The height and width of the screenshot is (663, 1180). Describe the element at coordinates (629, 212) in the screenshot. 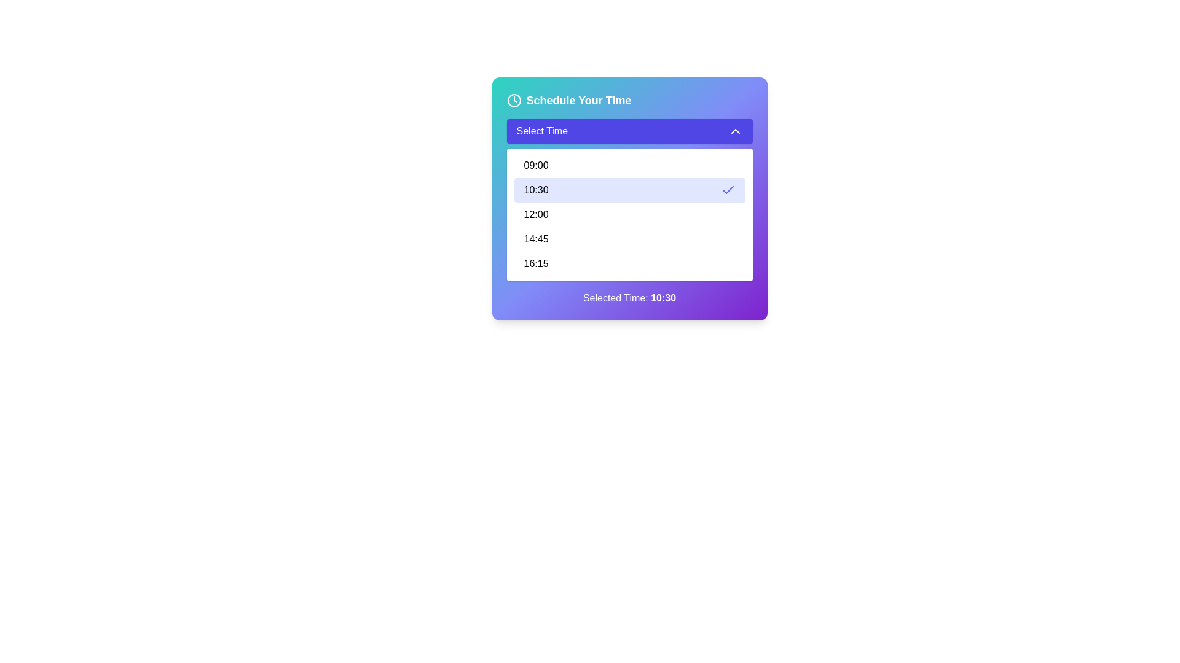

I see `the second option` at that location.